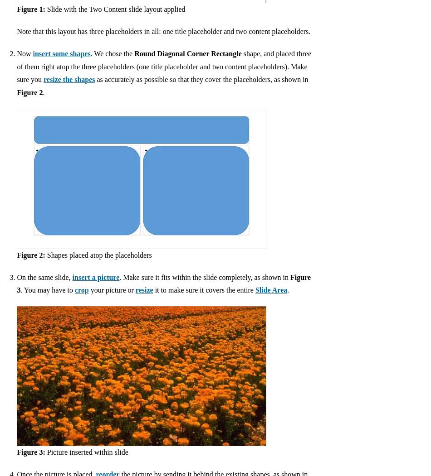  Describe the element at coordinates (44, 79) in the screenshot. I see `'resize the shapes'` at that location.